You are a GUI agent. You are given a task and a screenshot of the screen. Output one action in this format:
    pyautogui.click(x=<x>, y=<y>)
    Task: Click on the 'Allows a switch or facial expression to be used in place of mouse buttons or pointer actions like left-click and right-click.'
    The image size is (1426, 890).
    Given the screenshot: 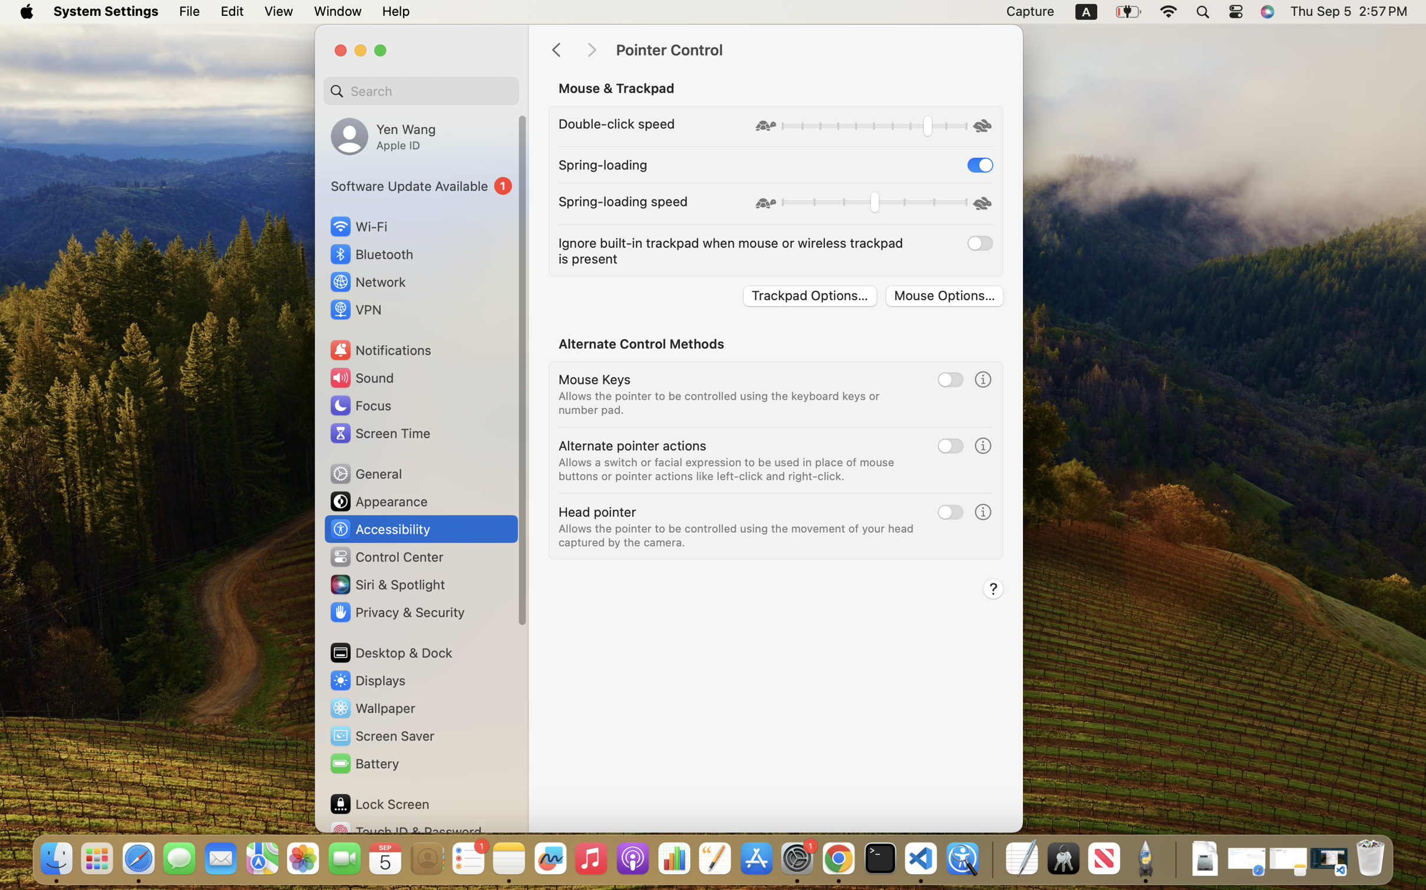 What is the action you would take?
    pyautogui.click(x=727, y=468)
    